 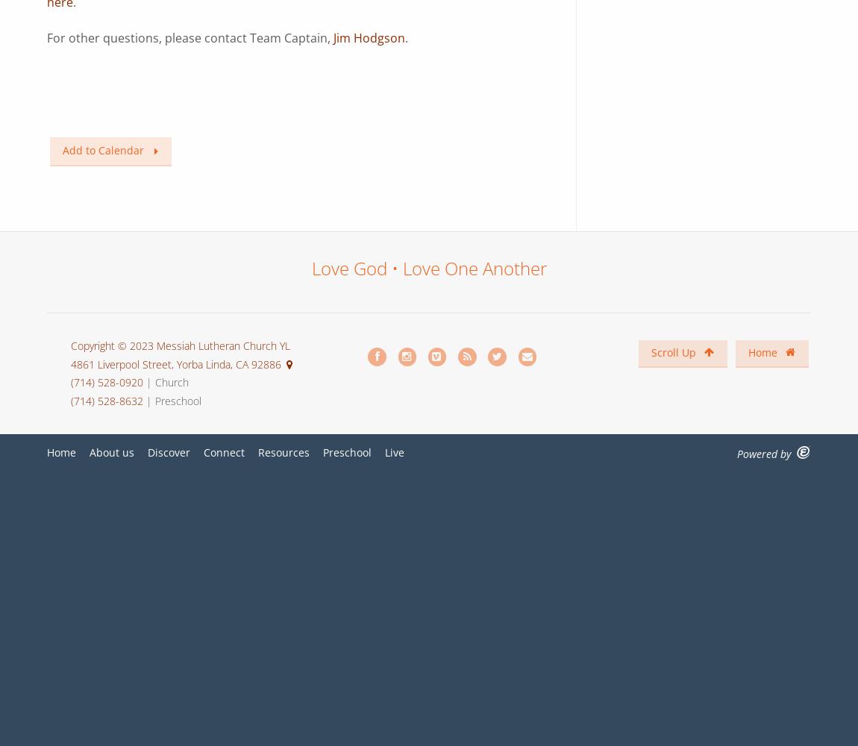 I want to click on 'Jim Hodgson', so click(x=334, y=37).